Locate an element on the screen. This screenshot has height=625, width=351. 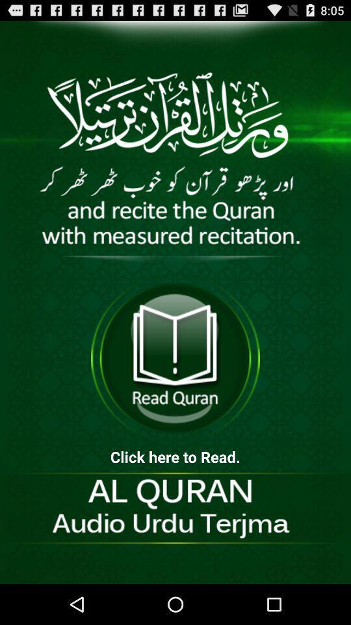
read is located at coordinates (175, 358).